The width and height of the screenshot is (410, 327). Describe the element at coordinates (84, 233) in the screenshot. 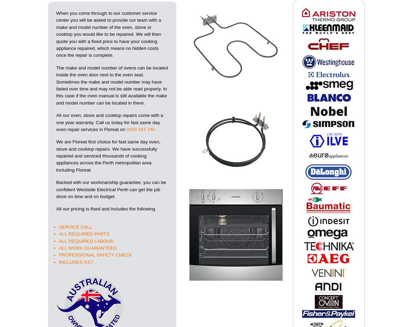

I see `'ALL REQUIRED PARTS'` at that location.